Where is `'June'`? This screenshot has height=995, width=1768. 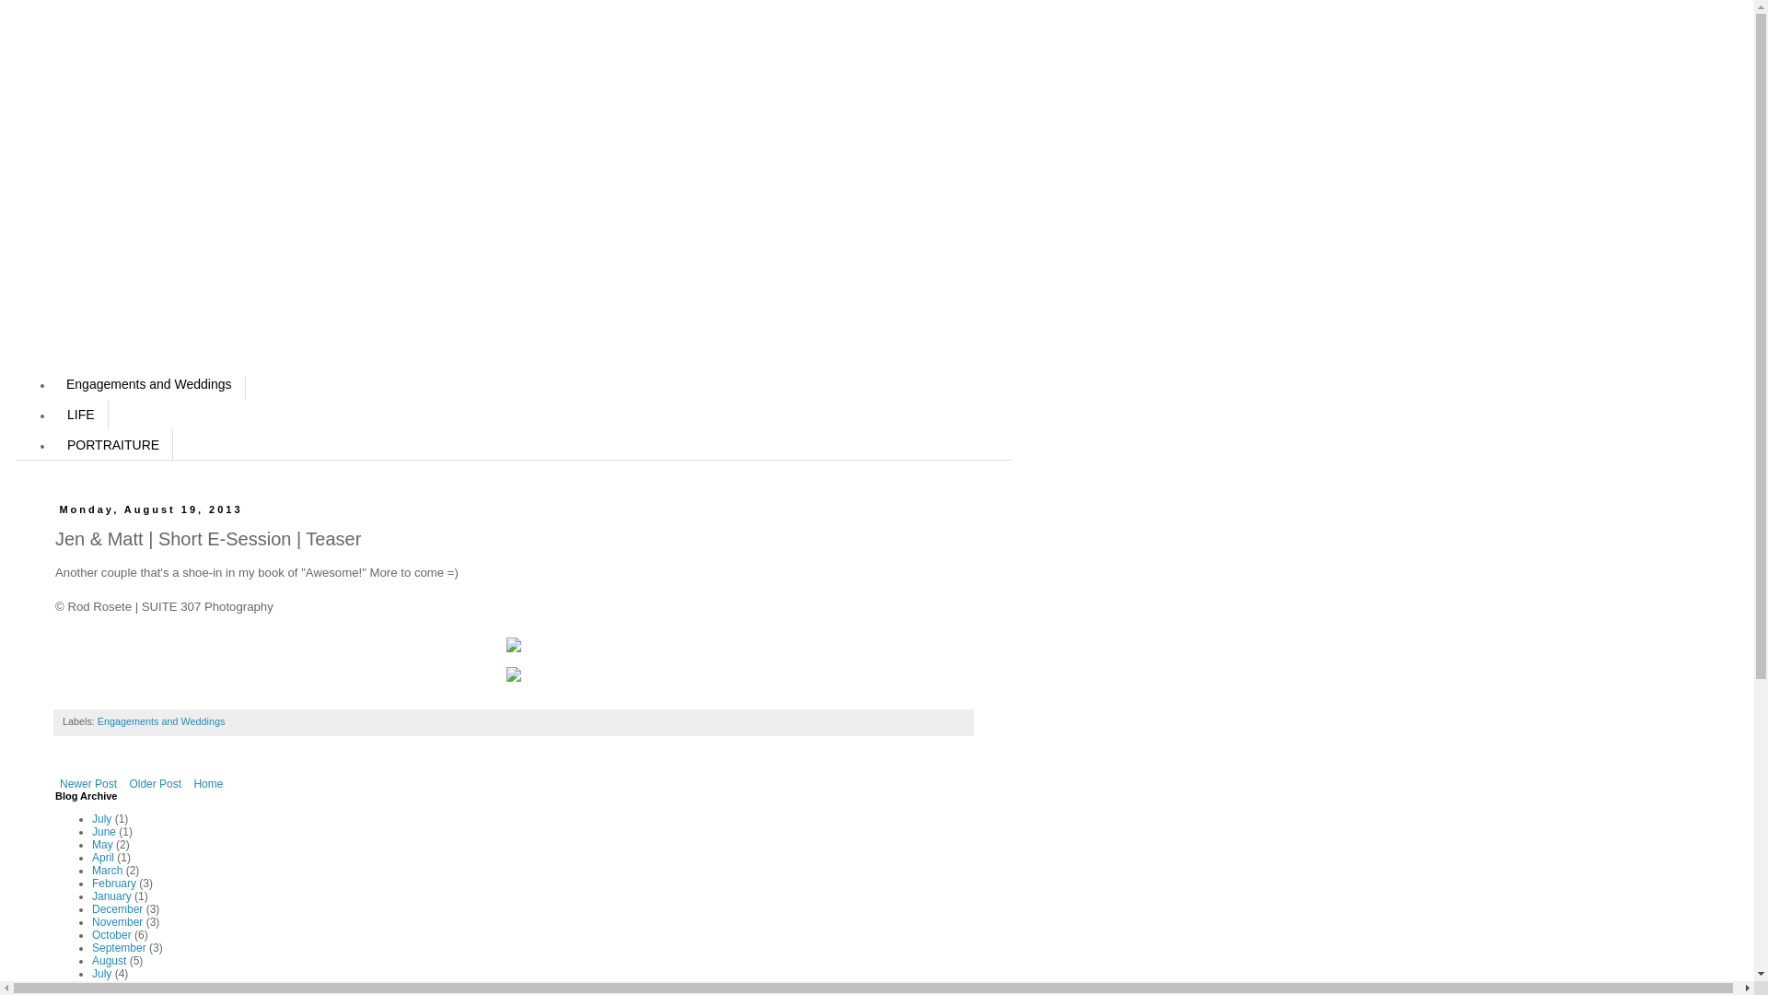 'June' is located at coordinates (103, 831).